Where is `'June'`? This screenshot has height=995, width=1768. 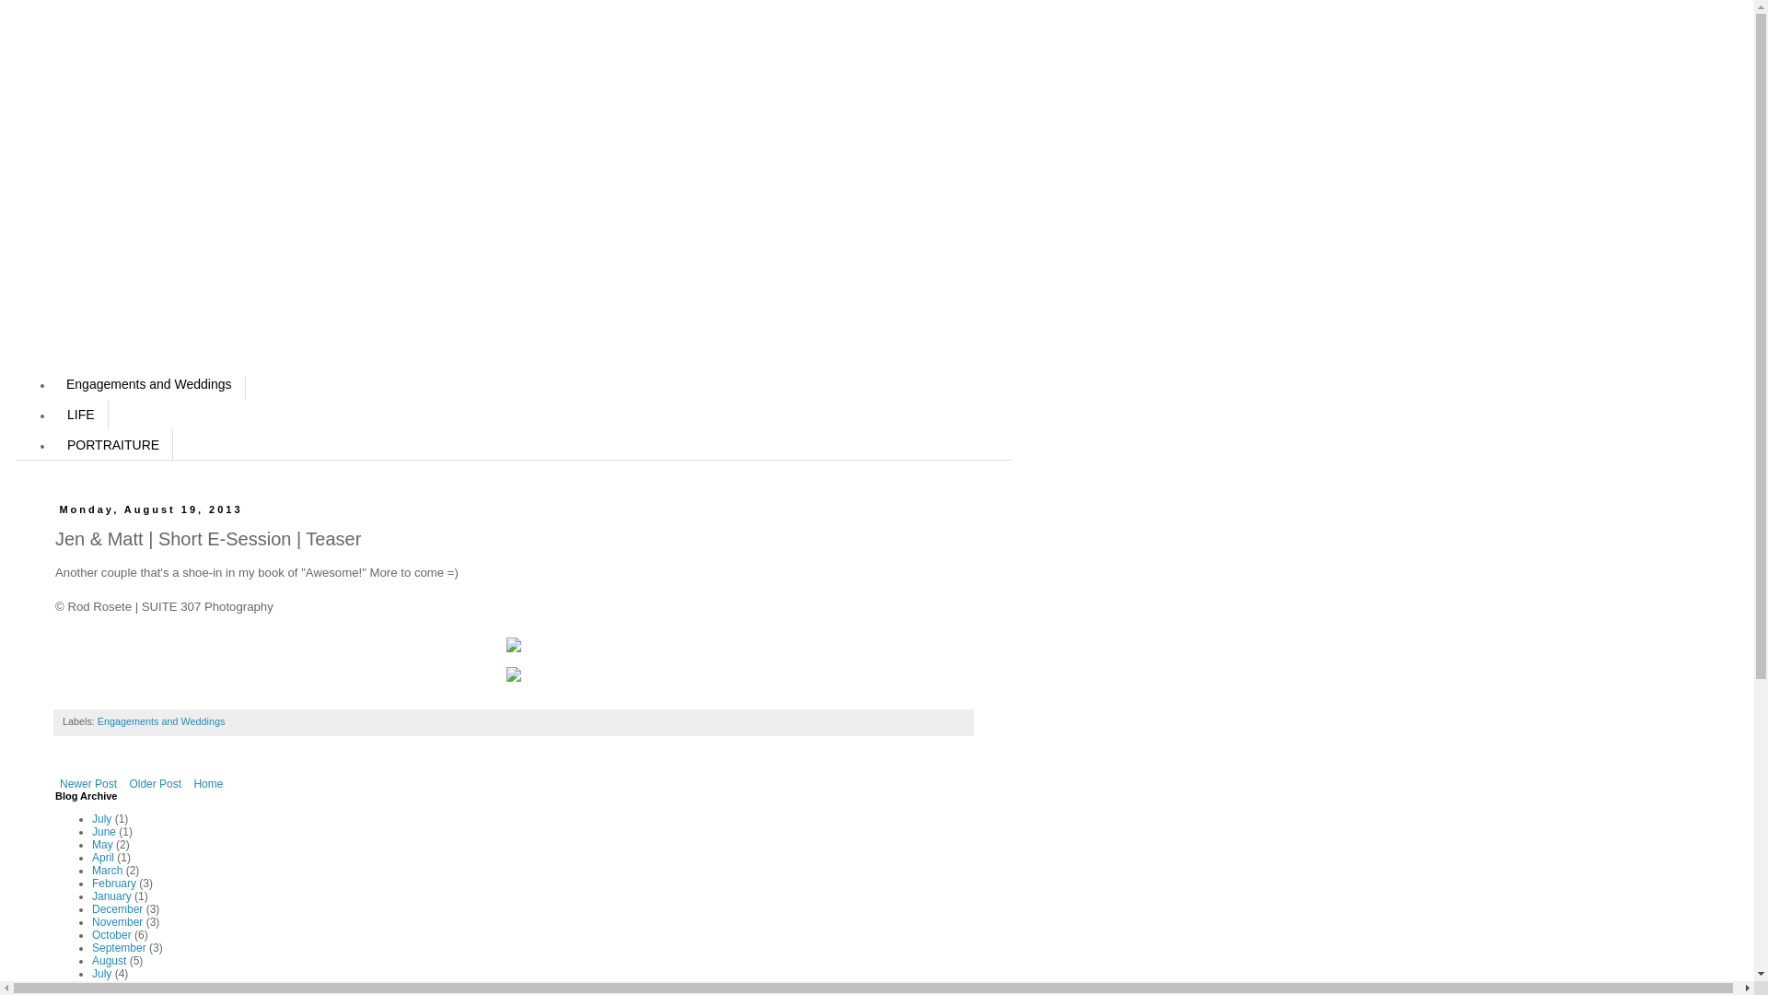 'June' is located at coordinates (103, 831).